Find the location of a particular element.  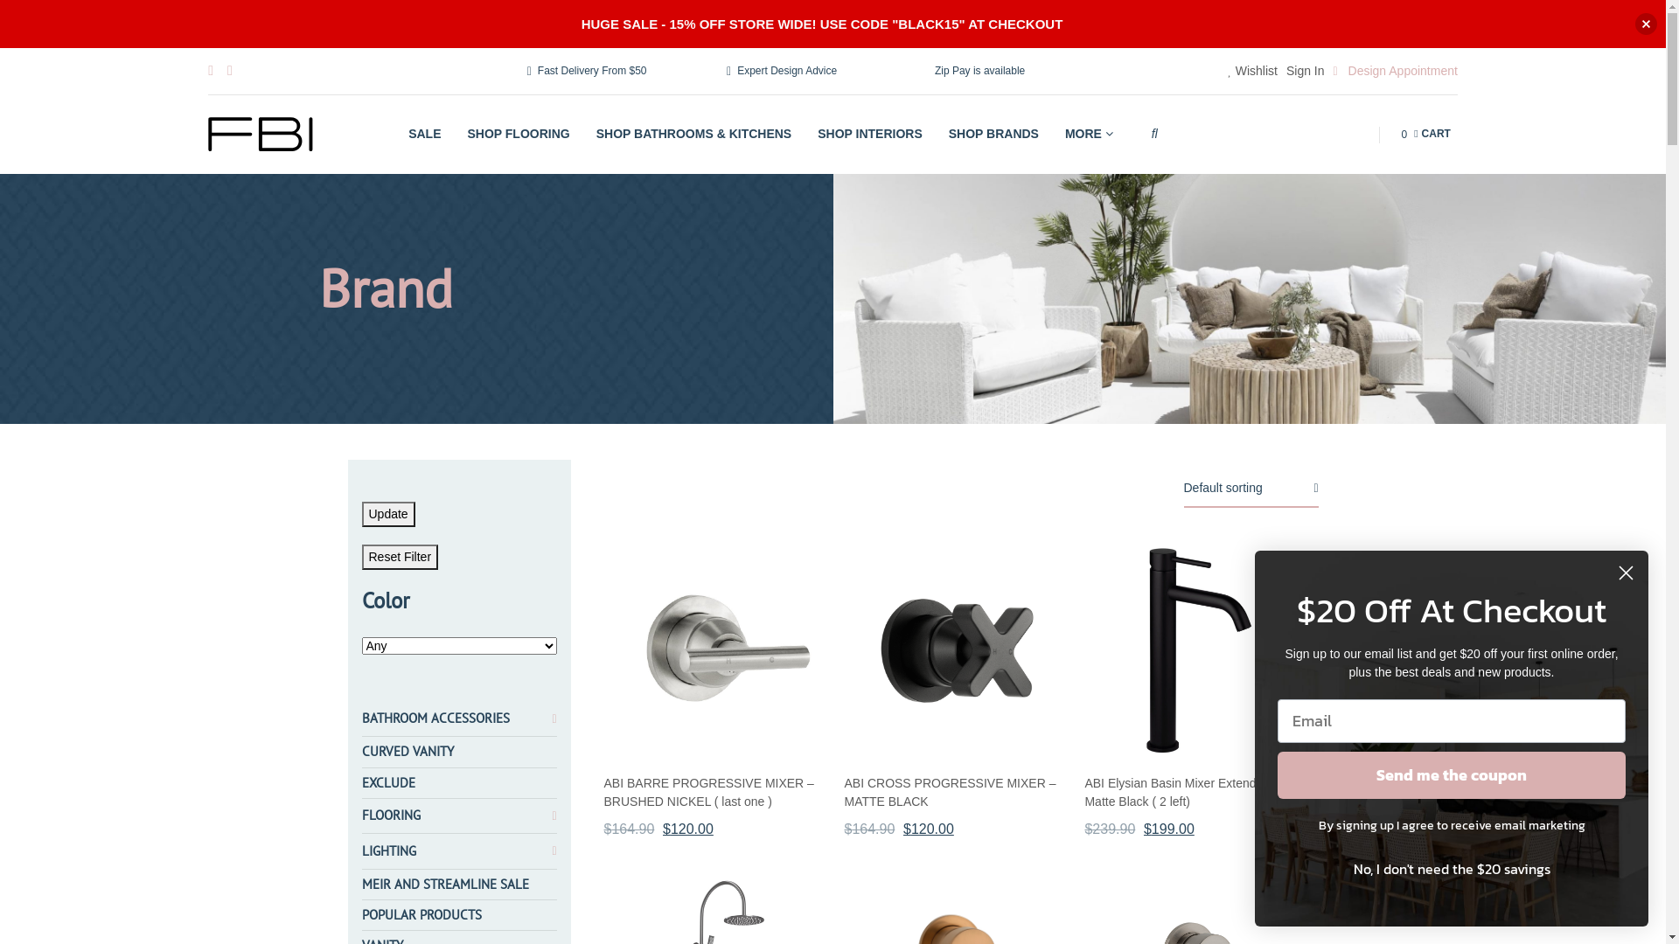

'SALE' is located at coordinates (401, 134).